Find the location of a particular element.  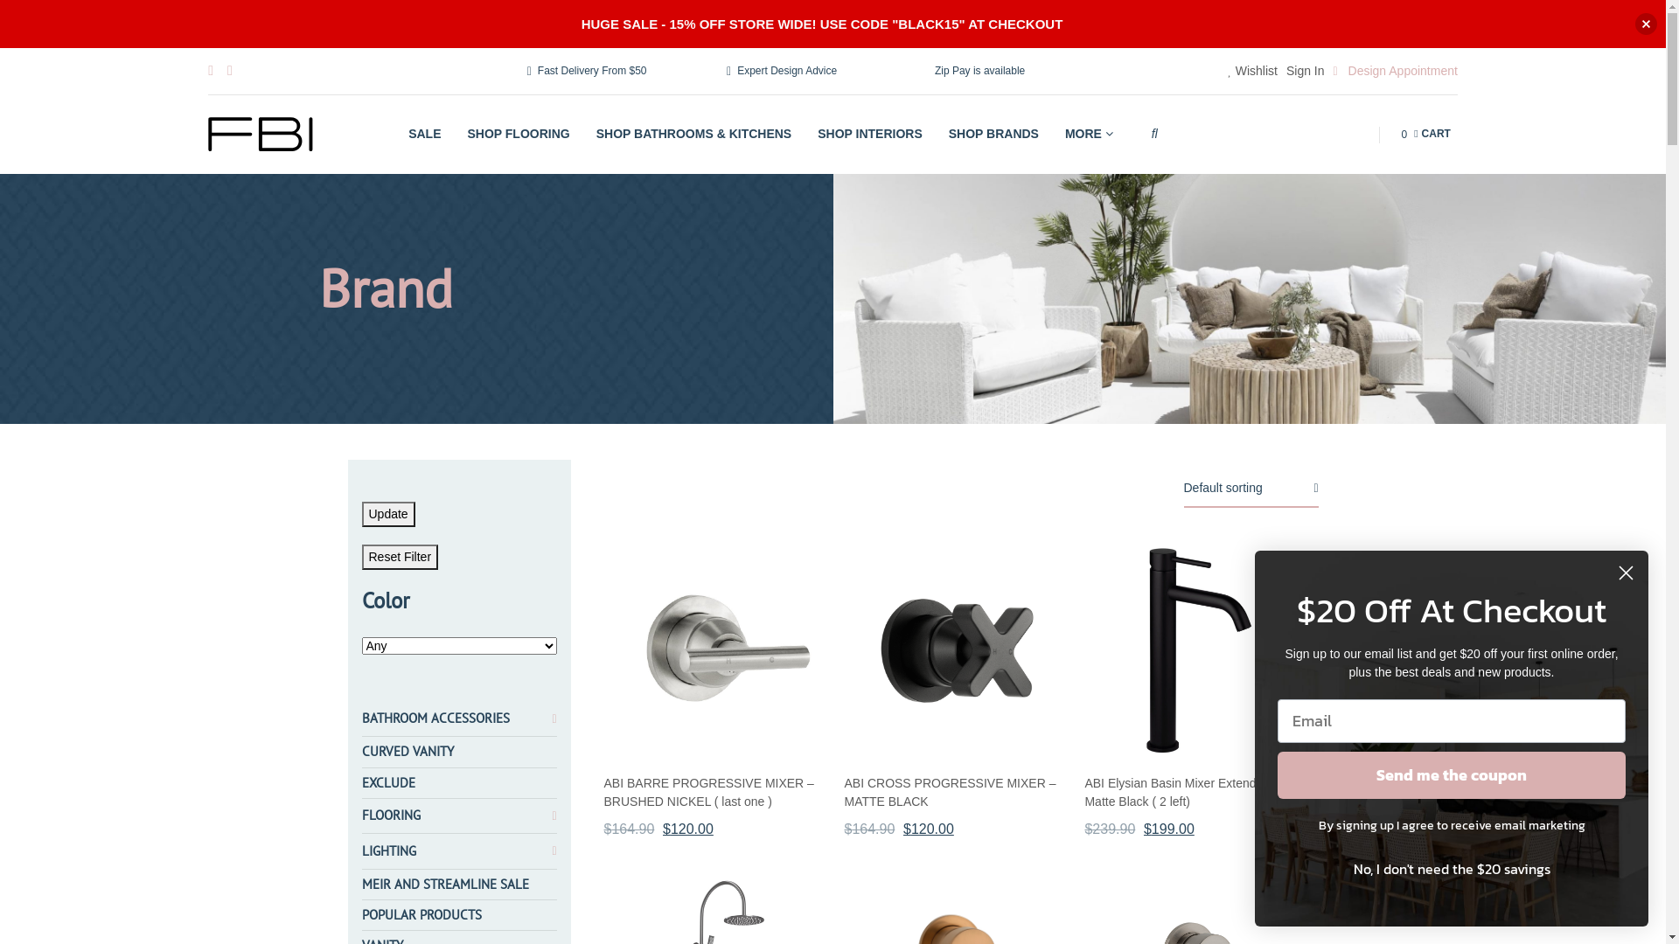

'SALE' is located at coordinates (401, 134).